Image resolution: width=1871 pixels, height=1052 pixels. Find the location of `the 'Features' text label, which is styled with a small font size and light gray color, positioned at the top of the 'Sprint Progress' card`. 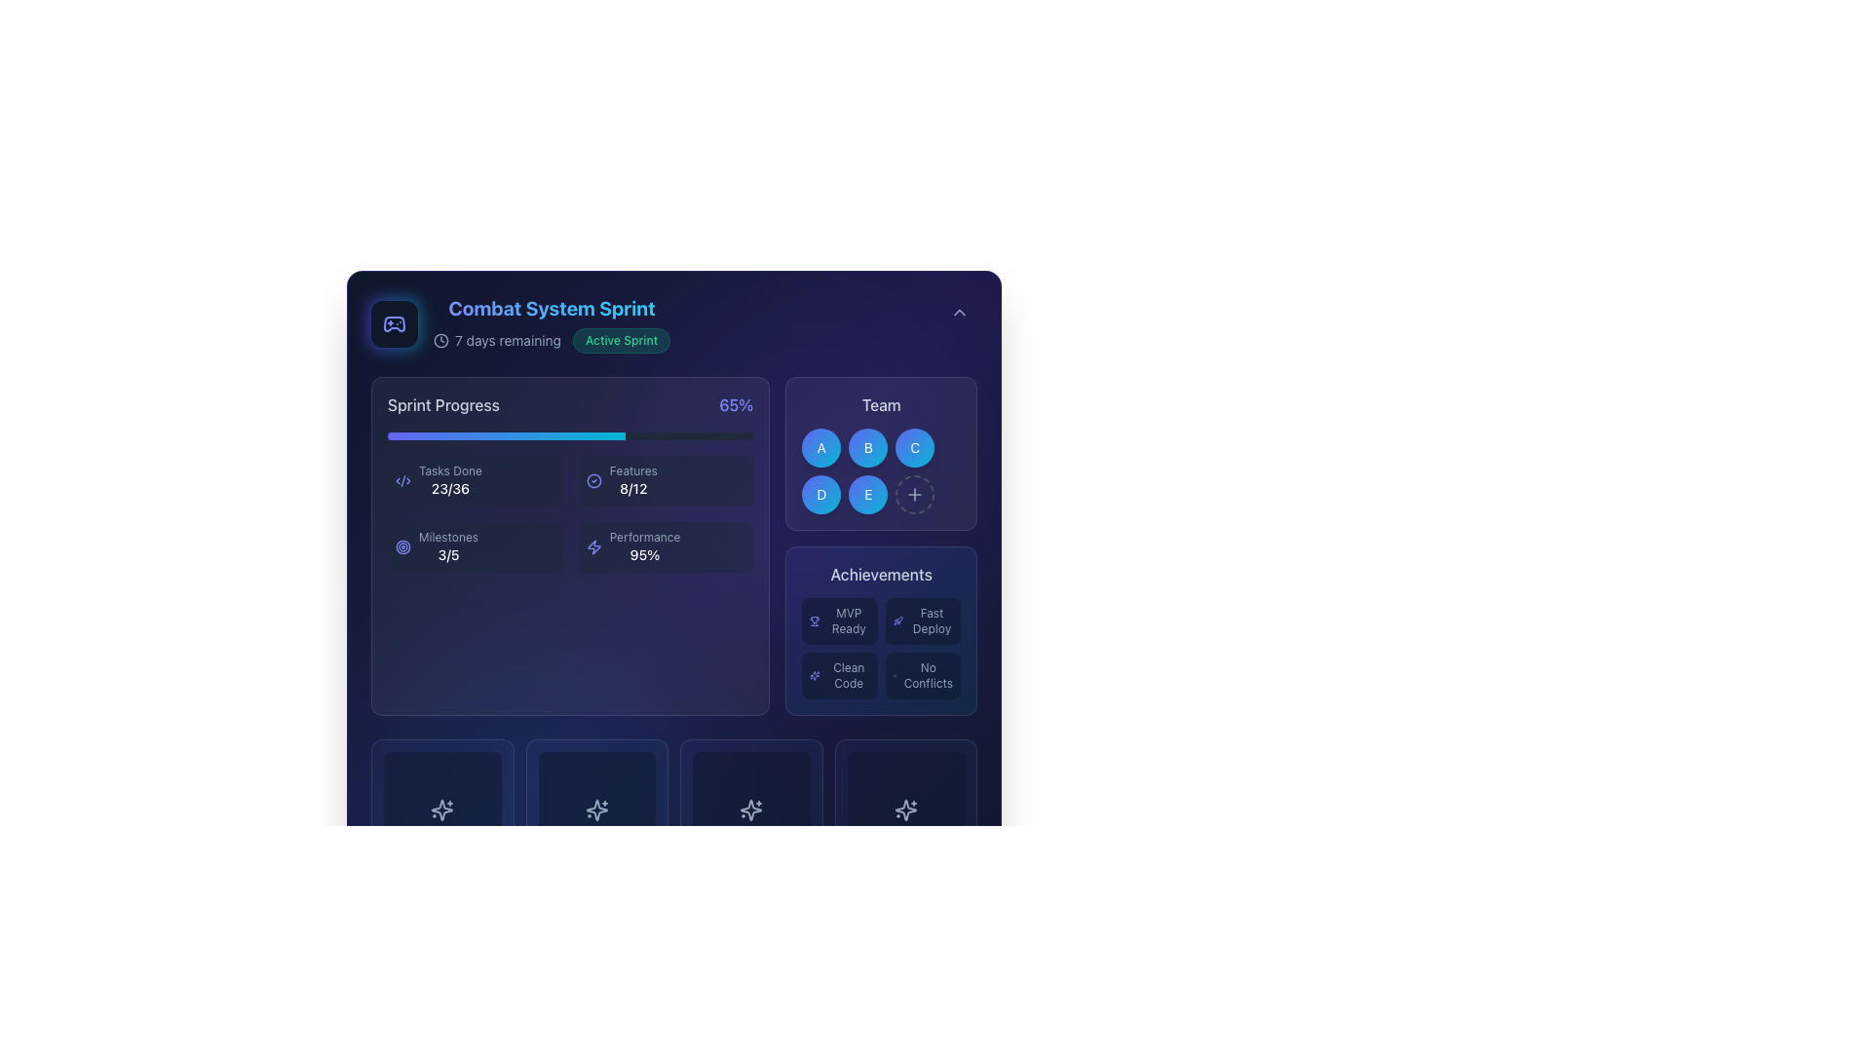

the 'Features' text label, which is styled with a small font size and light gray color, positioned at the top of the 'Sprint Progress' card is located at coordinates (633, 470).